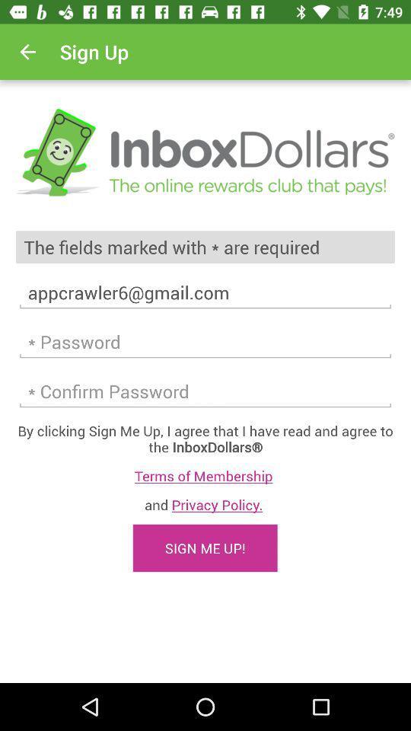  Describe the element at coordinates (205, 247) in the screenshot. I see `the the fields marked item` at that location.